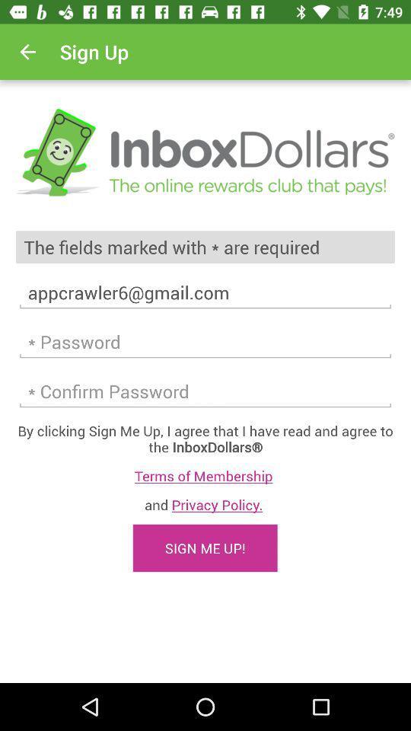  Describe the element at coordinates (205, 247) in the screenshot. I see `the the fields marked item` at that location.